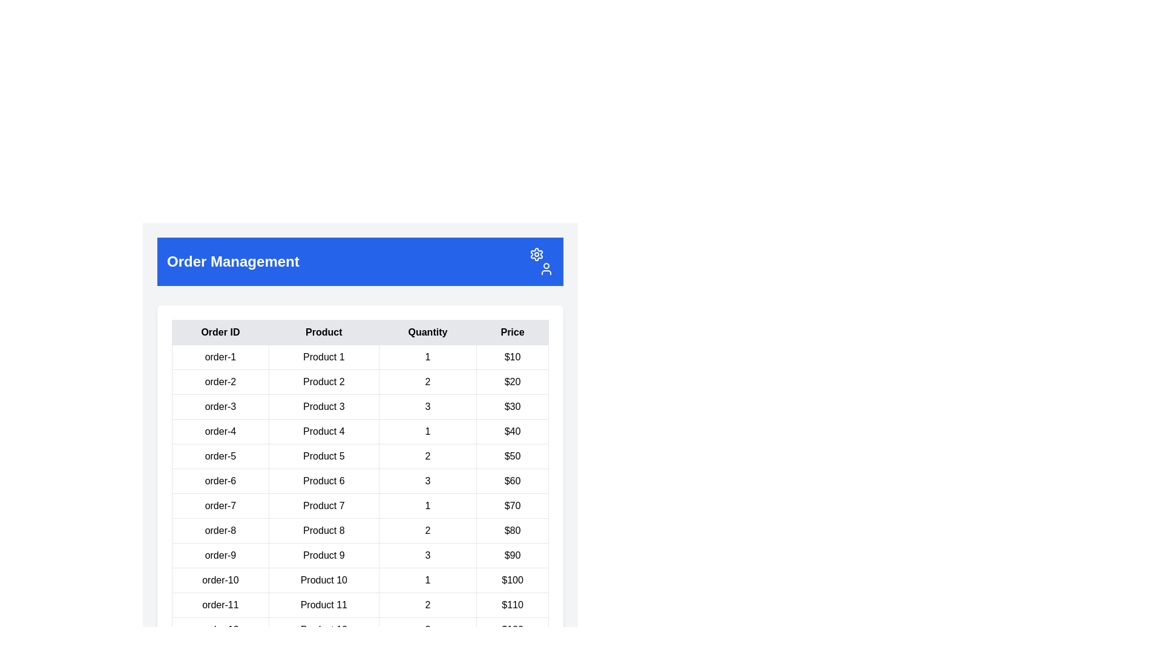  I want to click on the 10th data row, so click(359, 580).